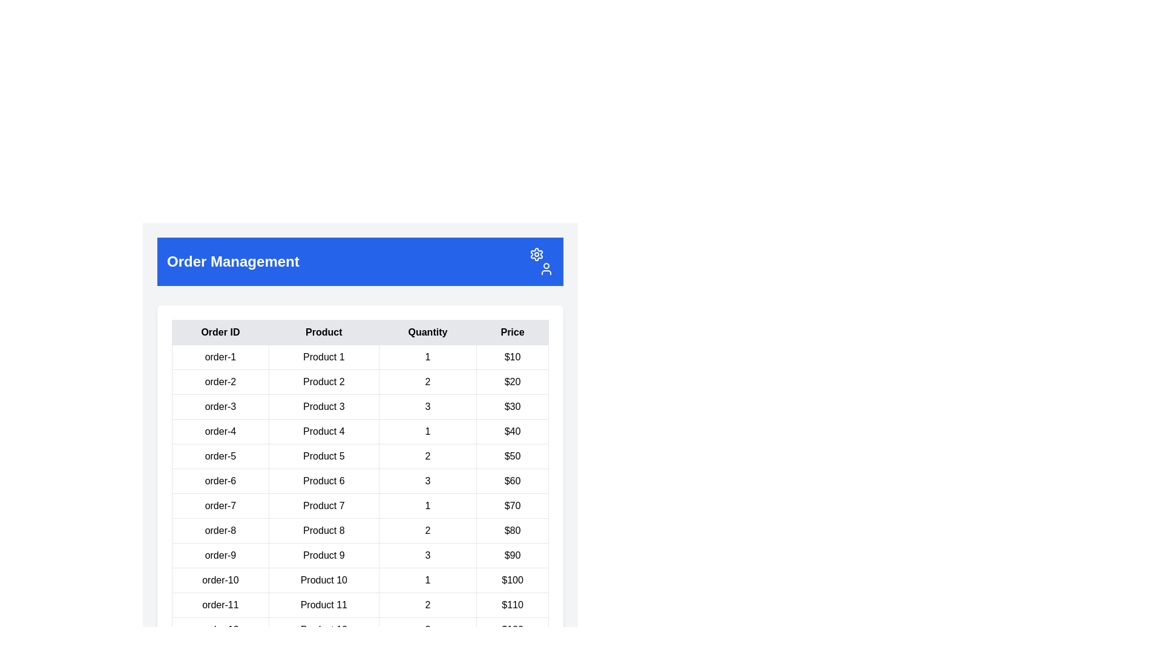  I want to click on the 10th data row, so click(359, 580).